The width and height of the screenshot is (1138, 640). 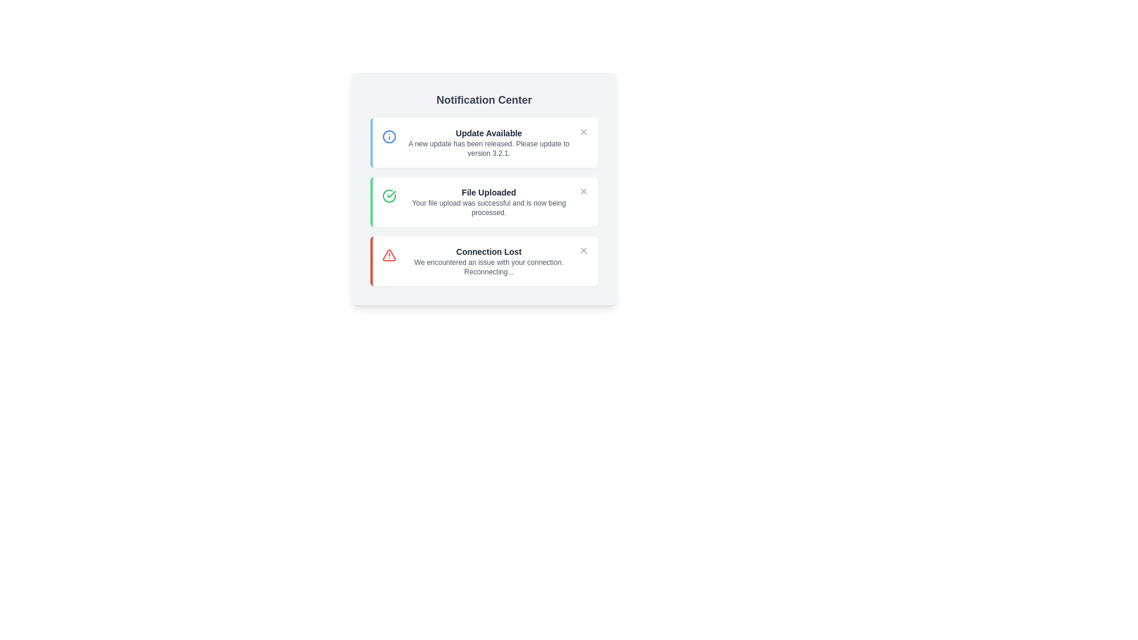 What do you see at coordinates (484, 201) in the screenshot?
I see `the notification card indicating the successful upload of a file, which is the second notification in the list, situated between 'Update Available' and 'Connection Lost'` at bounding box center [484, 201].